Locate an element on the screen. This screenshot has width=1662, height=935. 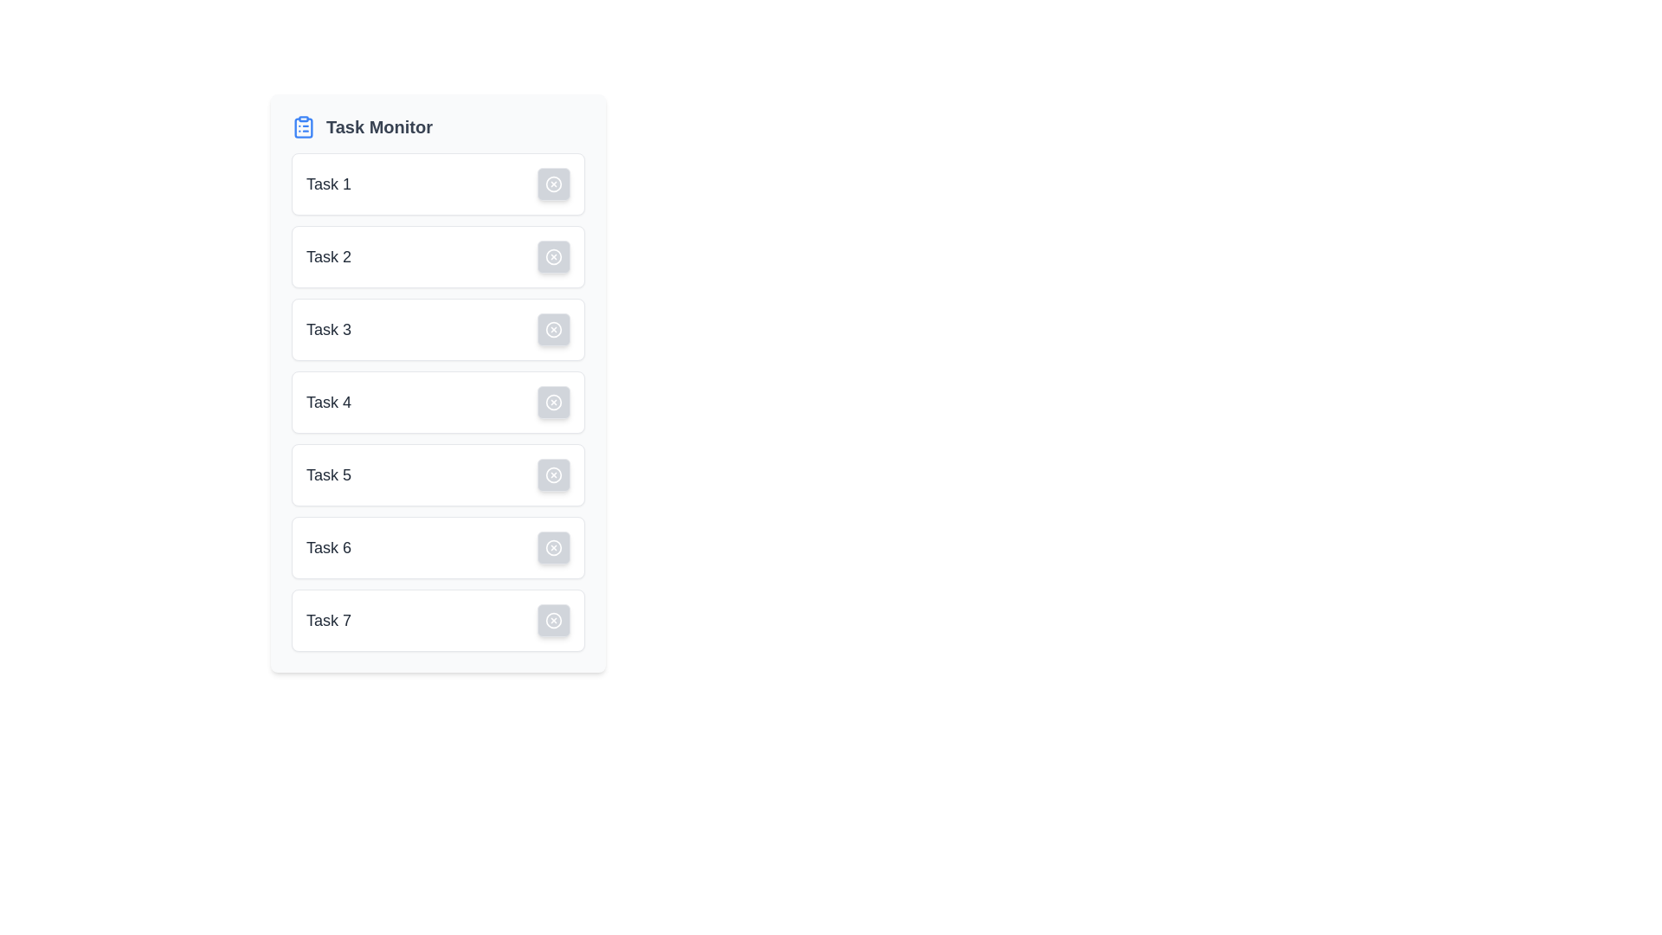
the small, circular button with a light gray background and 'X' icon located in the right section of the 'Task 2' row is located at coordinates (552, 257).